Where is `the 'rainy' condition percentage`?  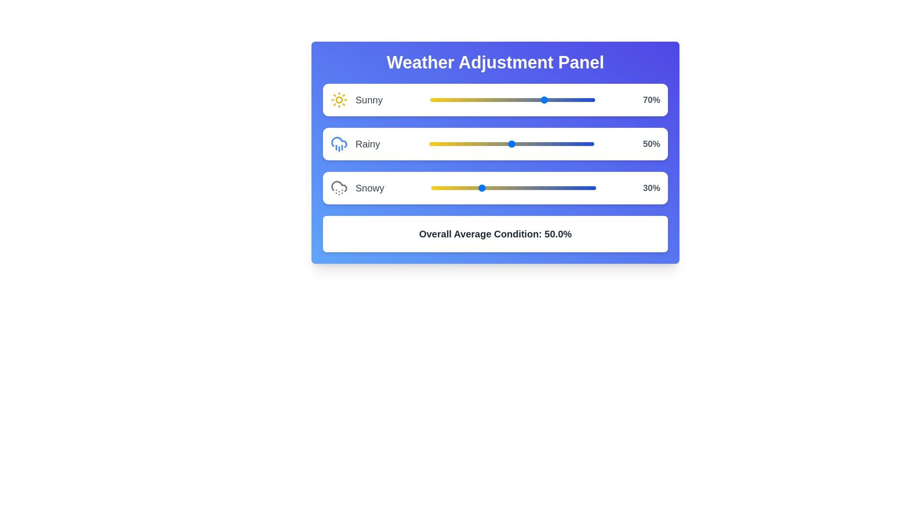
the 'rainy' condition percentage is located at coordinates (495, 144).